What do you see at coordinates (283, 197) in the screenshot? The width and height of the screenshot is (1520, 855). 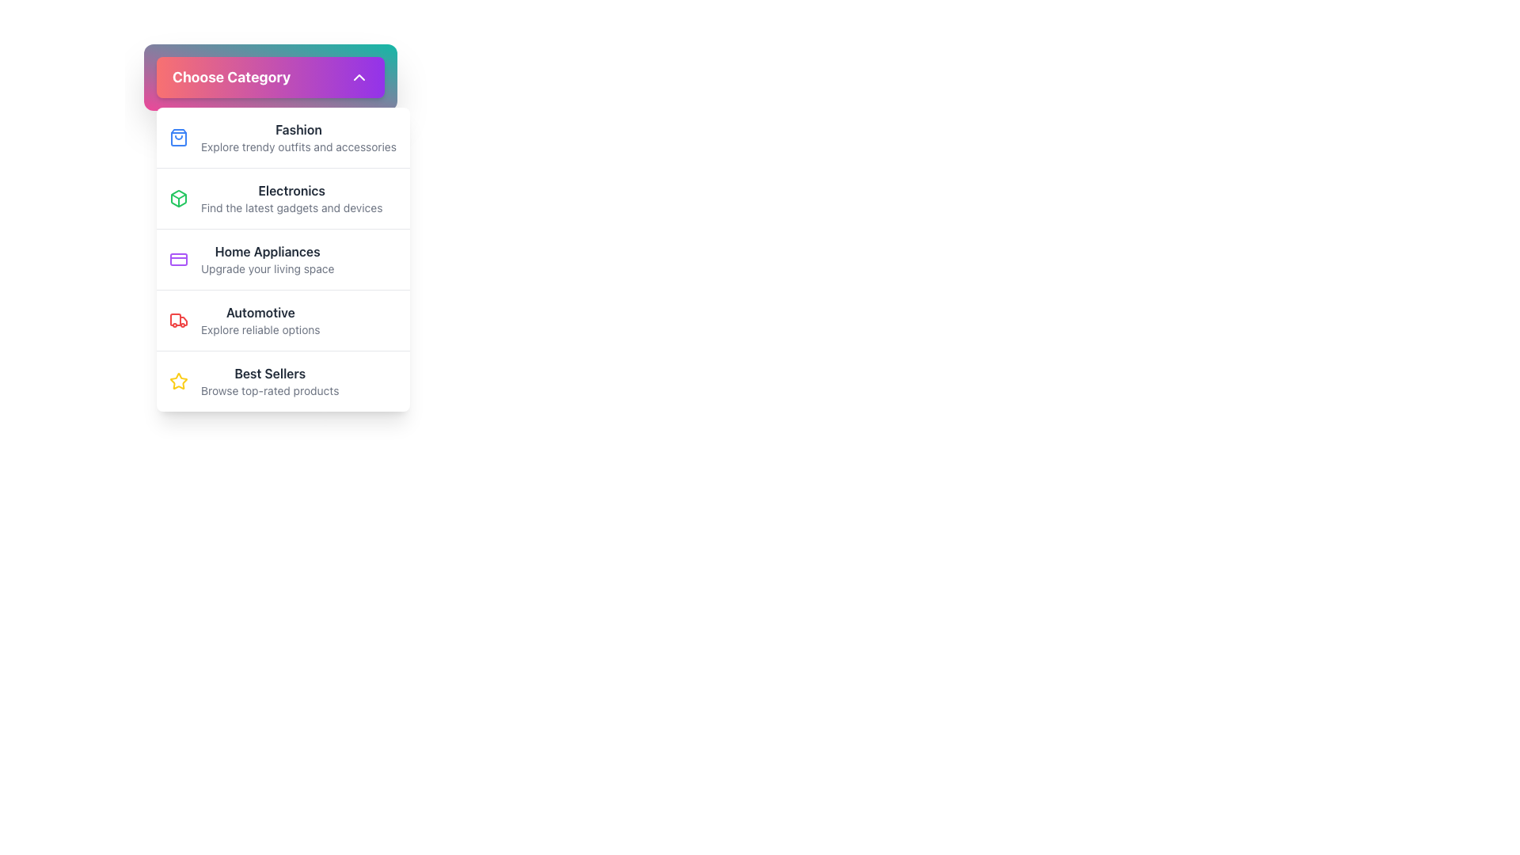 I see `the 'Electronics' category option in the dropdown menu, which is the second item listed below 'Fashion' and above 'Home Appliances'` at bounding box center [283, 197].